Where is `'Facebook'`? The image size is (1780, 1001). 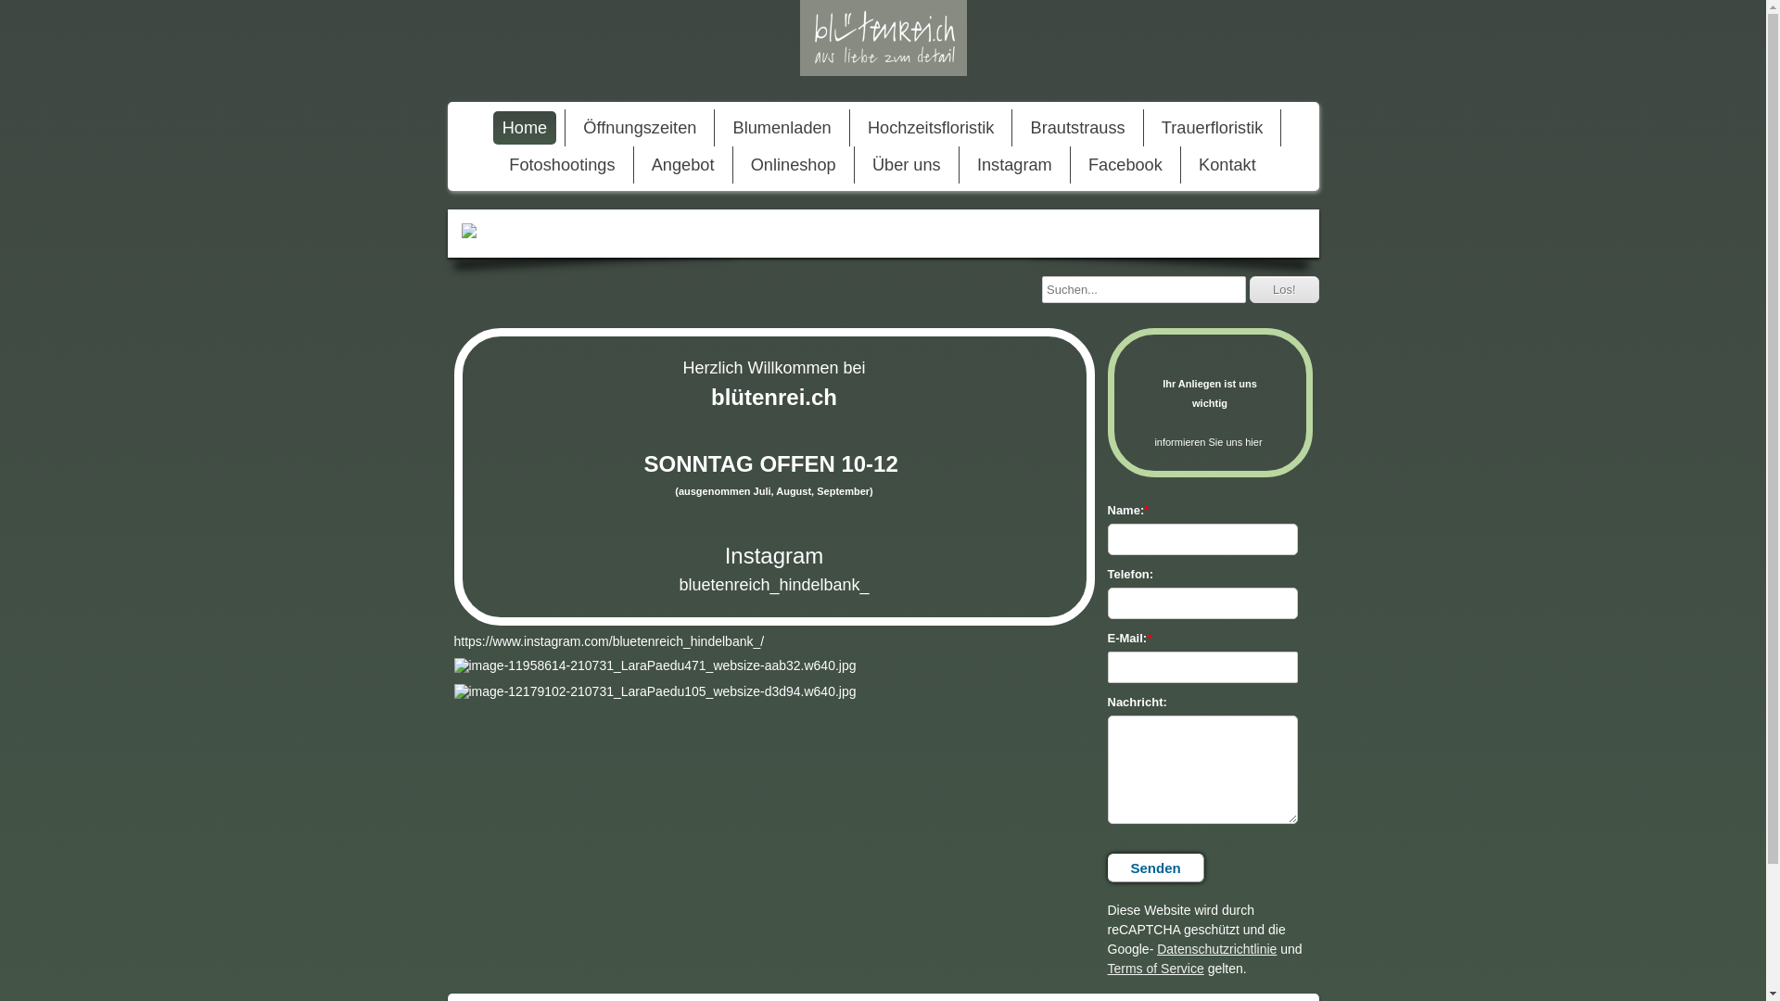
'Facebook' is located at coordinates (1125, 163).